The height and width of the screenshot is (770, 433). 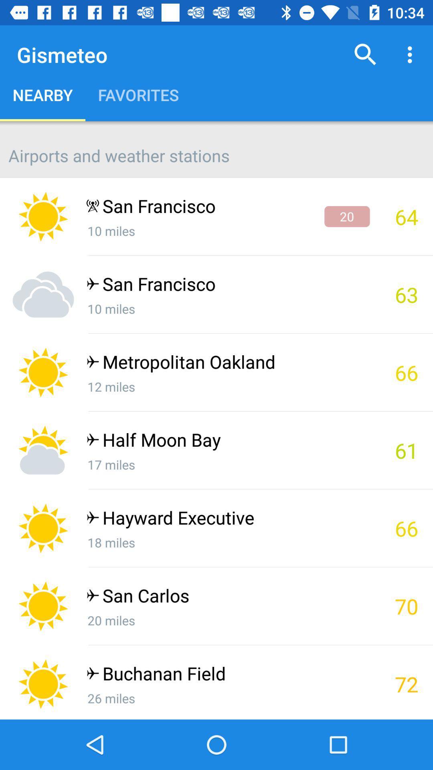 What do you see at coordinates (216, 149) in the screenshot?
I see `the airports and weather app` at bounding box center [216, 149].